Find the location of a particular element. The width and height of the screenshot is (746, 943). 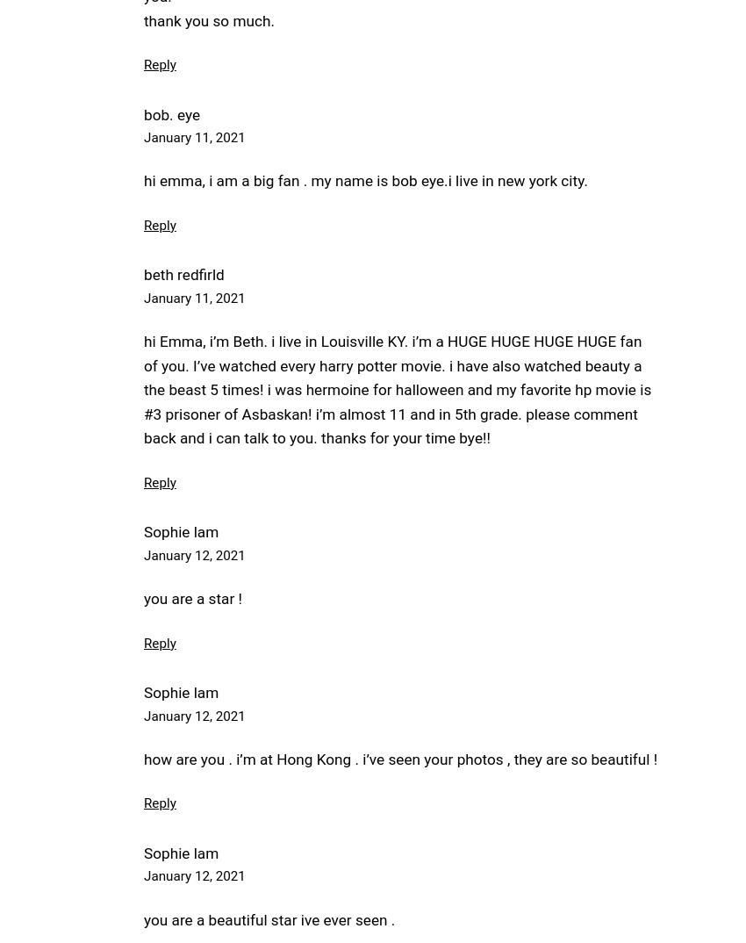

'thank you so much.' is located at coordinates (209, 18).